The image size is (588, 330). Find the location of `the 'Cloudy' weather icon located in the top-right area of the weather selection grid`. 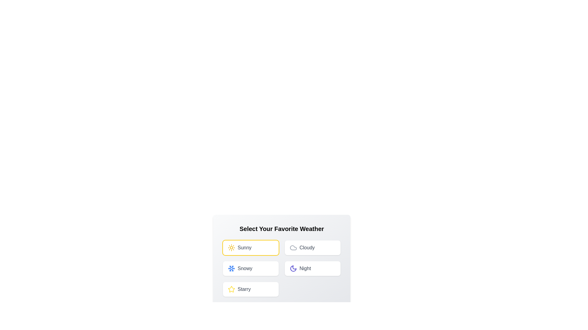

the 'Cloudy' weather icon located in the top-right area of the weather selection grid is located at coordinates (293, 248).